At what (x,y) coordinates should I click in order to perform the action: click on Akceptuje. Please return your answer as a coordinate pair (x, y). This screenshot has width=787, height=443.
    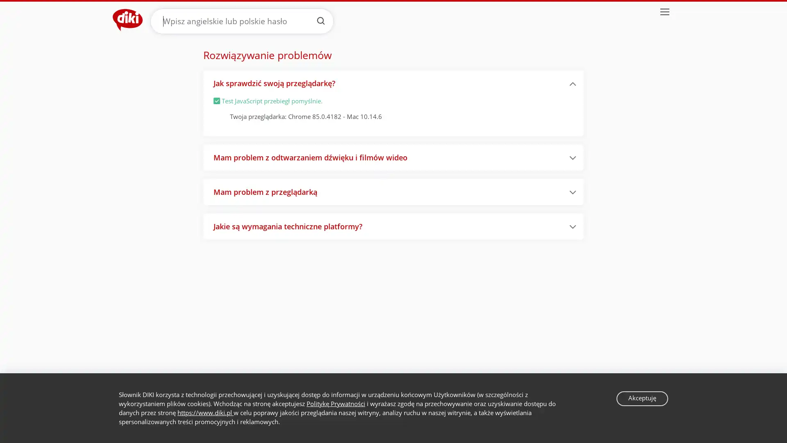
    Looking at the image, I should click on (641, 398).